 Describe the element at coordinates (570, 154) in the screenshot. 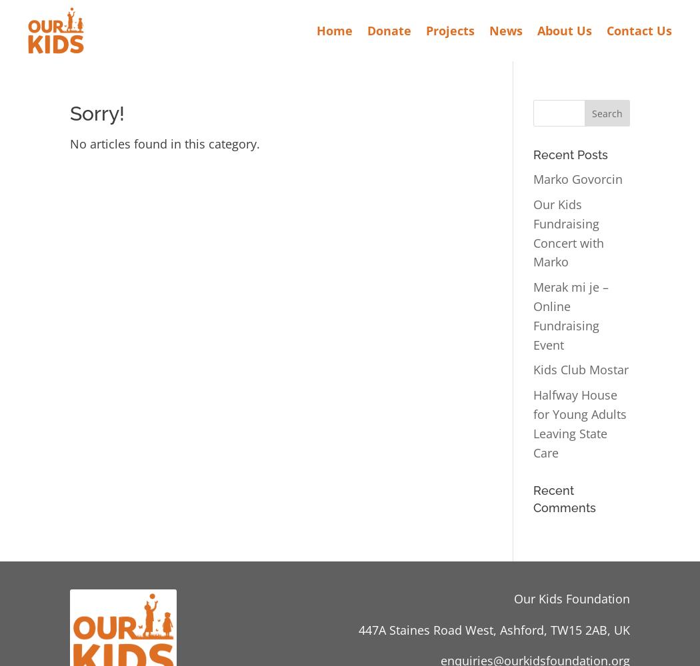

I see `'Recent Posts'` at that location.